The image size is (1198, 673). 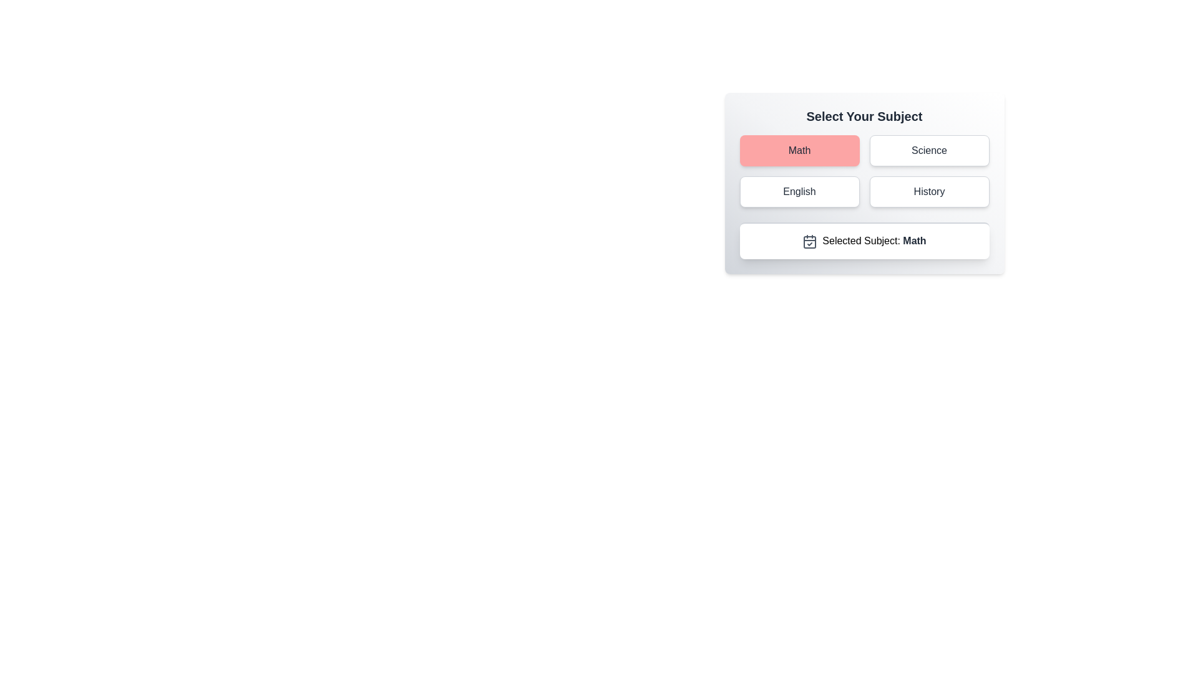 What do you see at coordinates (929, 192) in the screenshot?
I see `the 'History' button, which is a rectangular button with rounded corners and a dark gray label` at bounding box center [929, 192].